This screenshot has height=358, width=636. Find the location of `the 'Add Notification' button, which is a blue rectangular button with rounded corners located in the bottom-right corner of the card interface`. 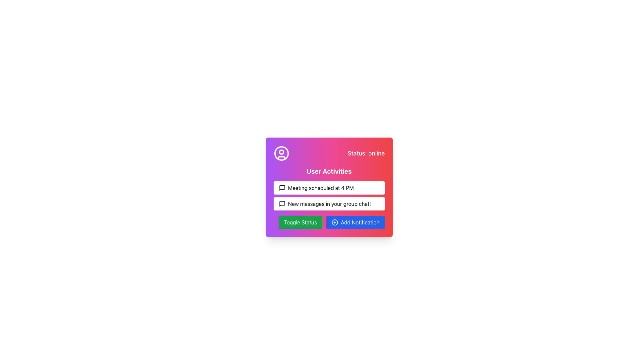

the 'Add Notification' button, which is a blue rectangular button with rounded corners located in the bottom-right corner of the card interface is located at coordinates (359, 222).